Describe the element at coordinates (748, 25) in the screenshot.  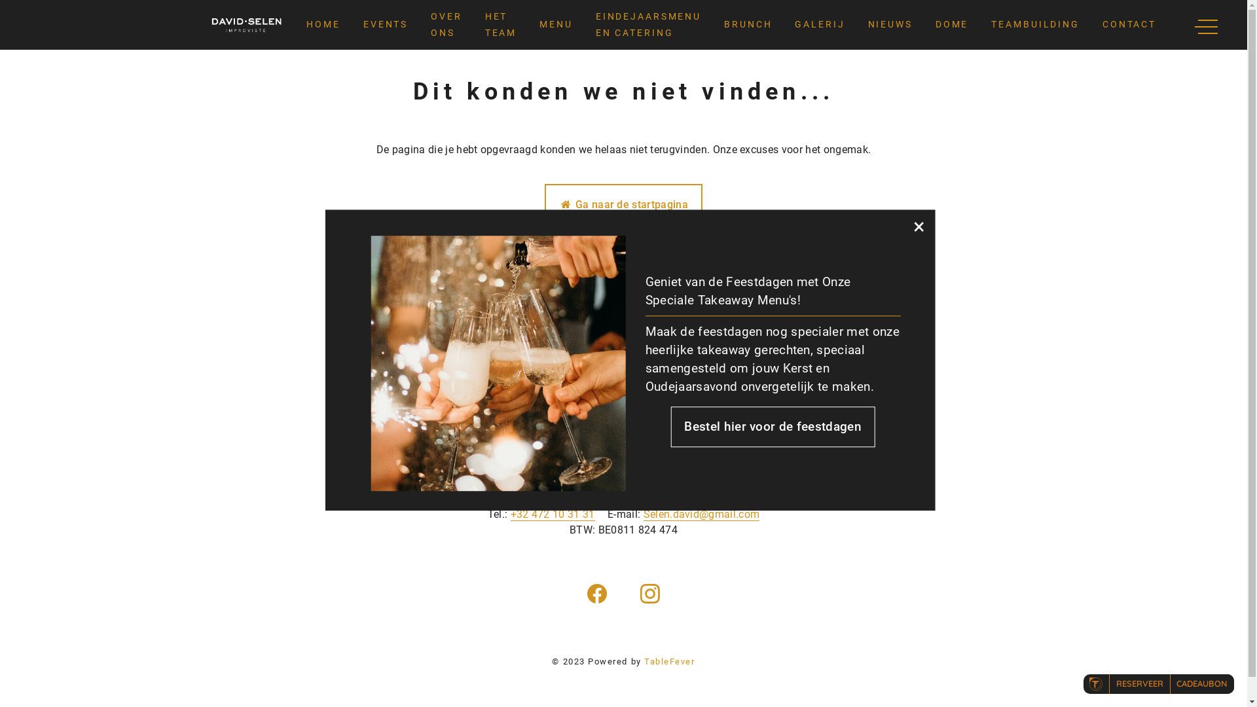
I see `'BRUNCH'` at that location.